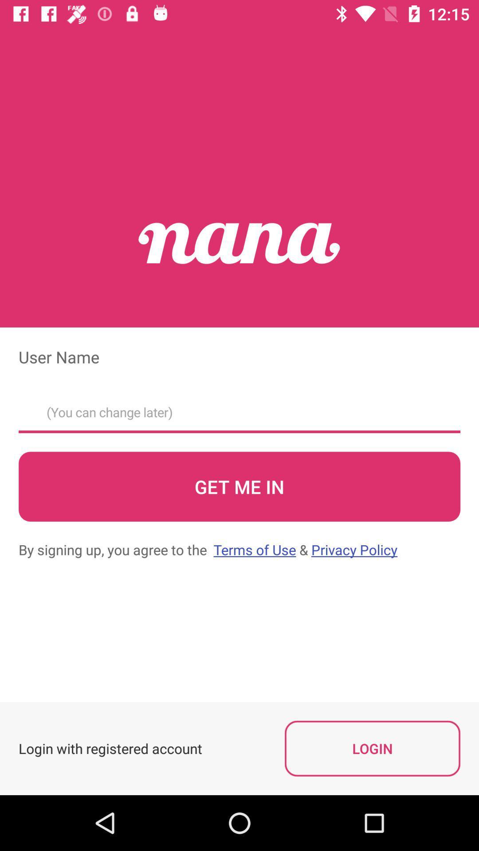 The image size is (479, 851). Describe the element at coordinates (239, 409) in the screenshot. I see `user name` at that location.